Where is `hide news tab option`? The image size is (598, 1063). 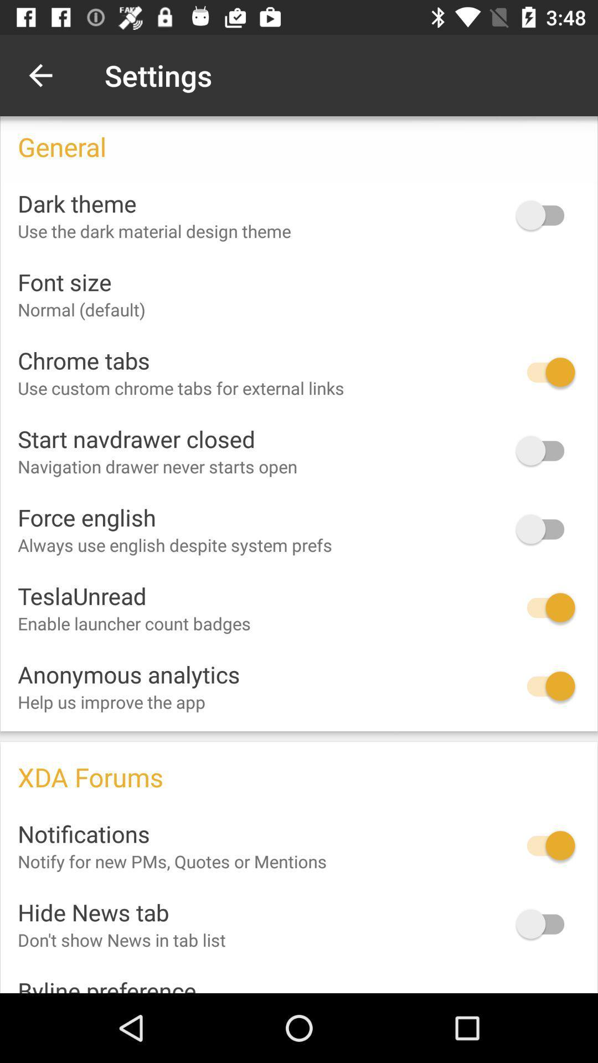 hide news tab option is located at coordinates (545, 924).